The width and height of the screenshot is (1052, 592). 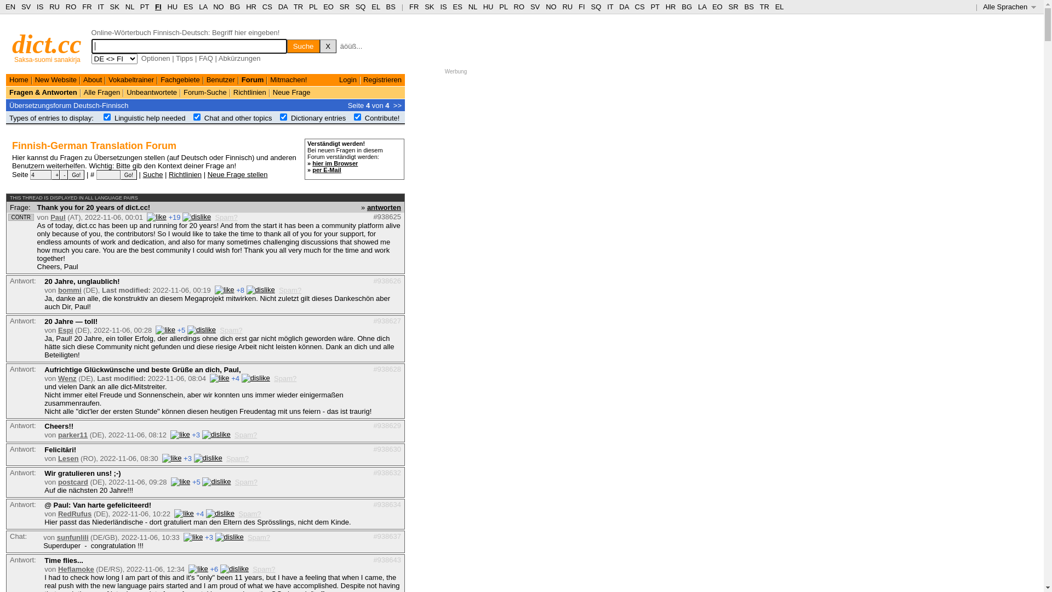 What do you see at coordinates (159, 79) in the screenshot?
I see `'Fachgebiete'` at bounding box center [159, 79].